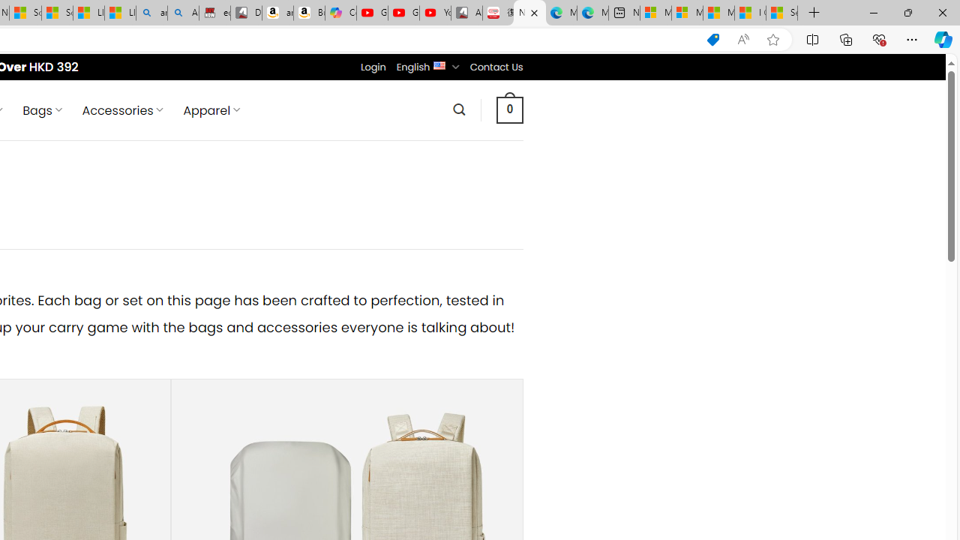 The width and height of the screenshot is (960, 540). Describe the element at coordinates (509, 109) in the screenshot. I see `' 0 '` at that location.